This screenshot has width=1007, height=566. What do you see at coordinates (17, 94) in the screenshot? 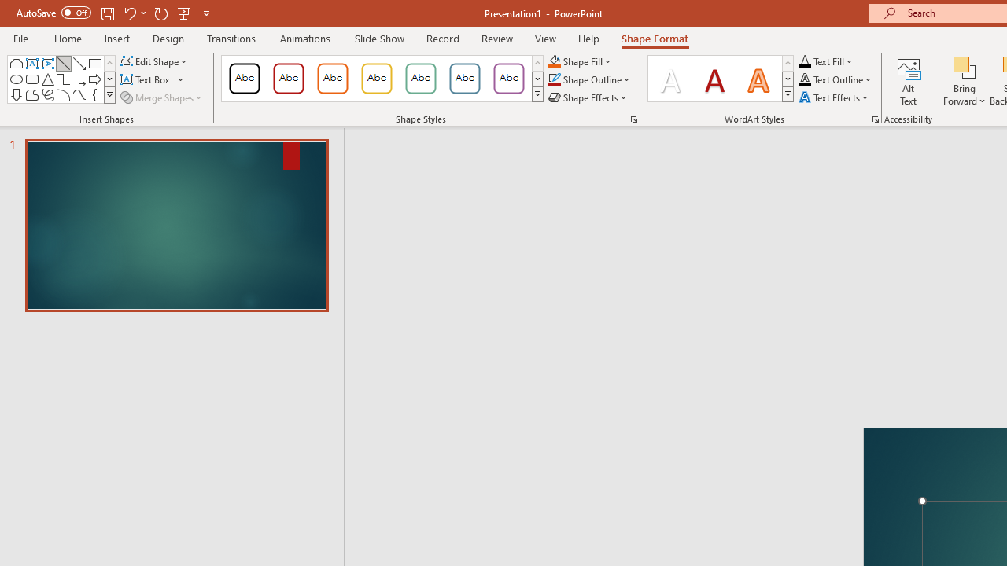
I see `'Arrow: Down'` at bounding box center [17, 94].